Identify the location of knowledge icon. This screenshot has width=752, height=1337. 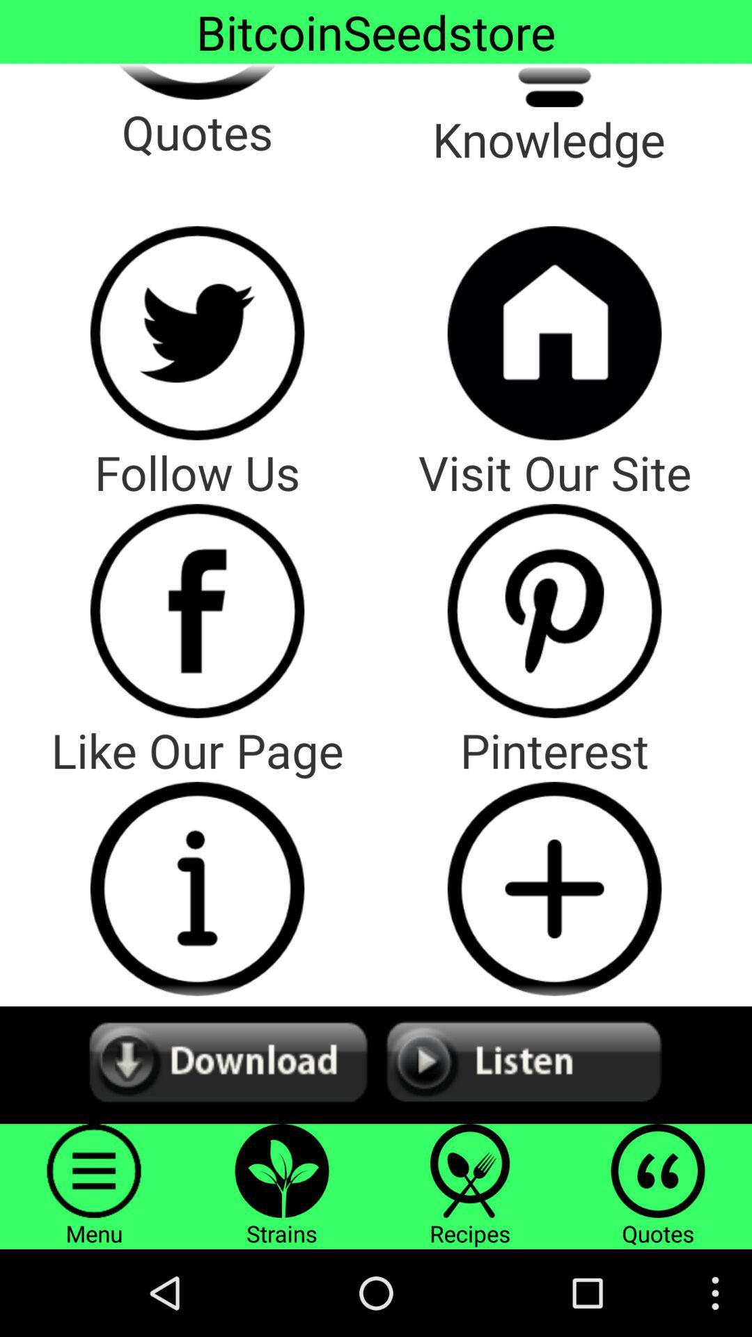
(554, 84).